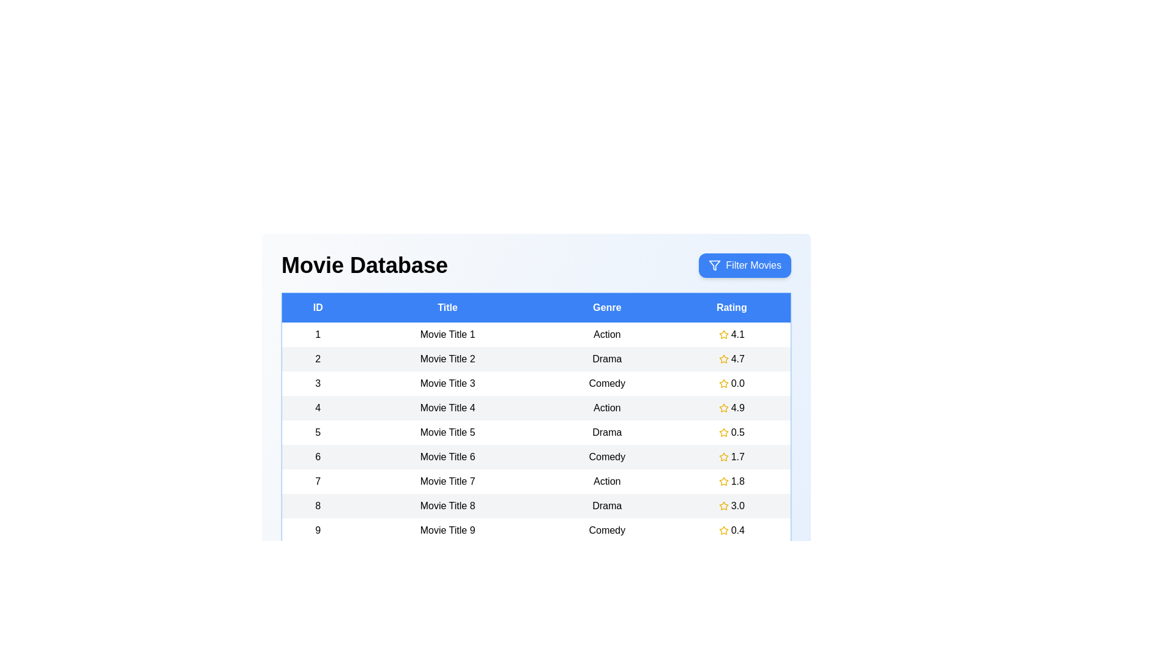 This screenshot has width=1175, height=661. What do you see at coordinates (607, 307) in the screenshot?
I see `the column header to sort the table by Genre` at bounding box center [607, 307].